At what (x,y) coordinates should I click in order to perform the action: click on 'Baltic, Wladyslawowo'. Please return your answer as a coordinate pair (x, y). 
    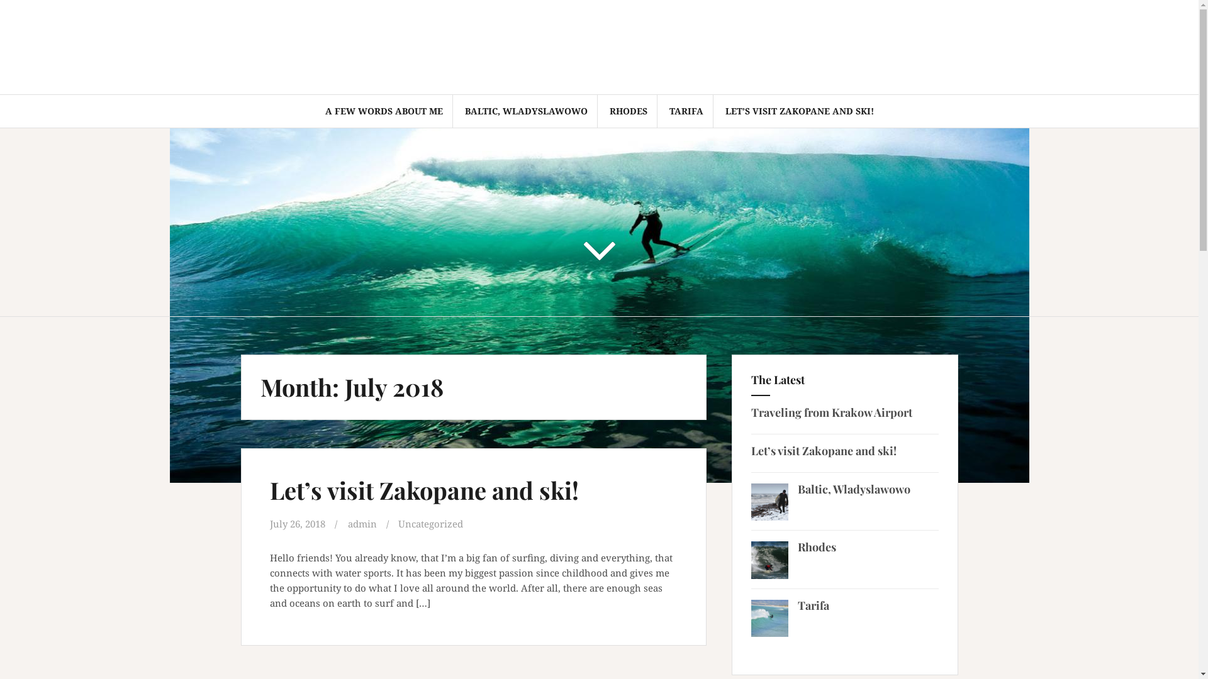
    Looking at the image, I should click on (854, 489).